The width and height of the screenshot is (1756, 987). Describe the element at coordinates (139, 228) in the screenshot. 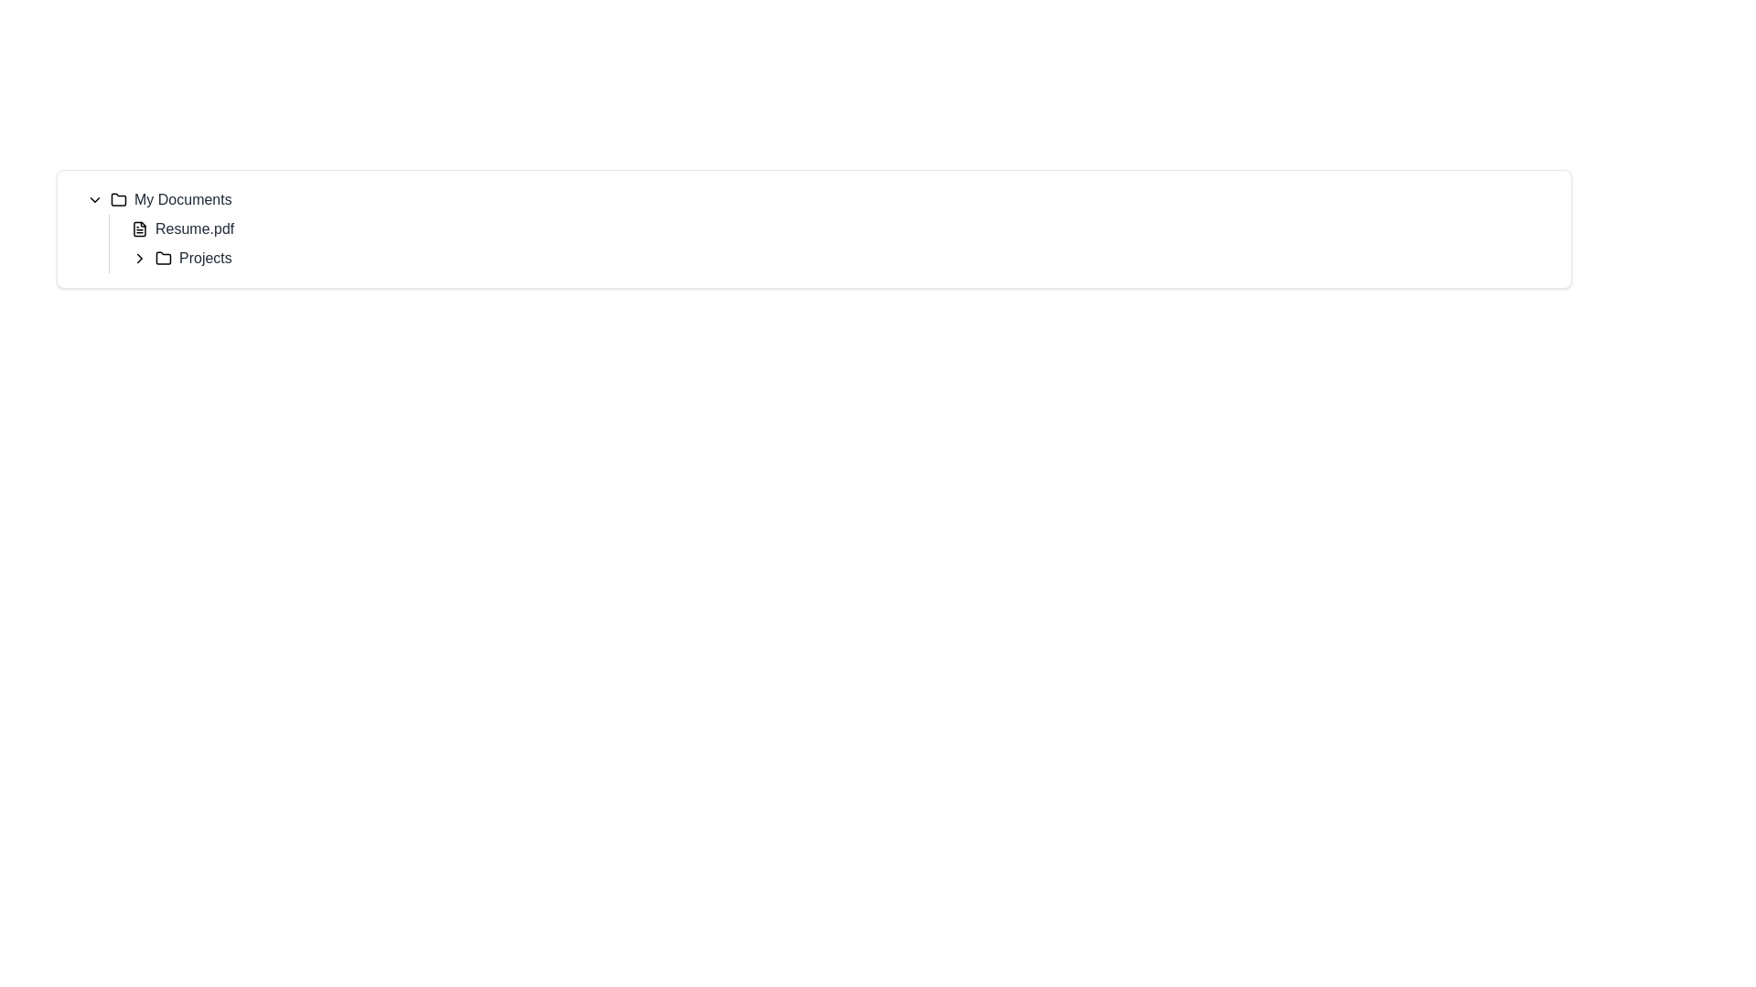

I see `the PDF file icon representing 'Resume.pdf' located in the top-left section of the interface` at that location.